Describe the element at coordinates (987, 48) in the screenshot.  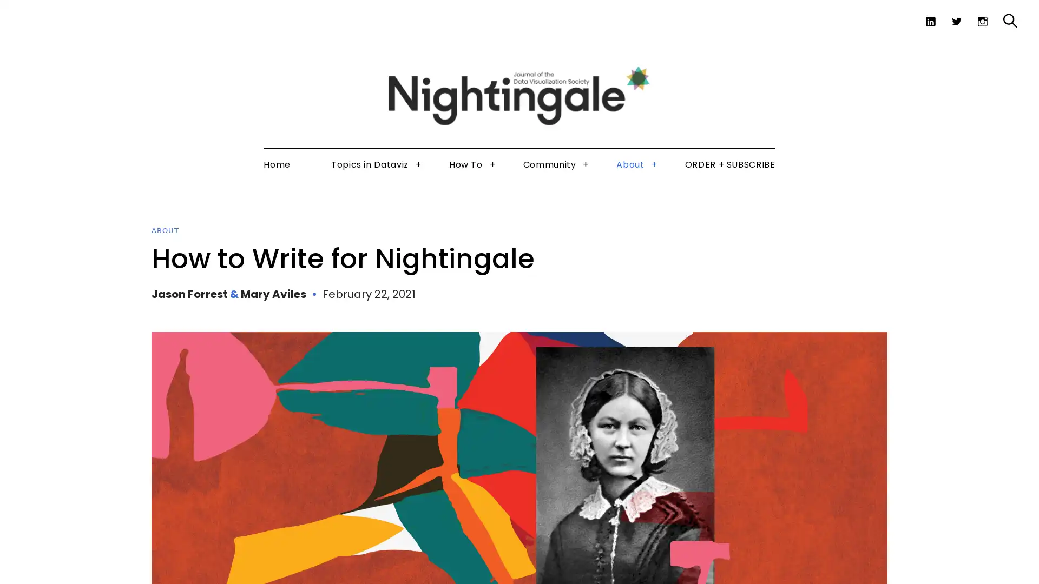
I see `Search` at that location.